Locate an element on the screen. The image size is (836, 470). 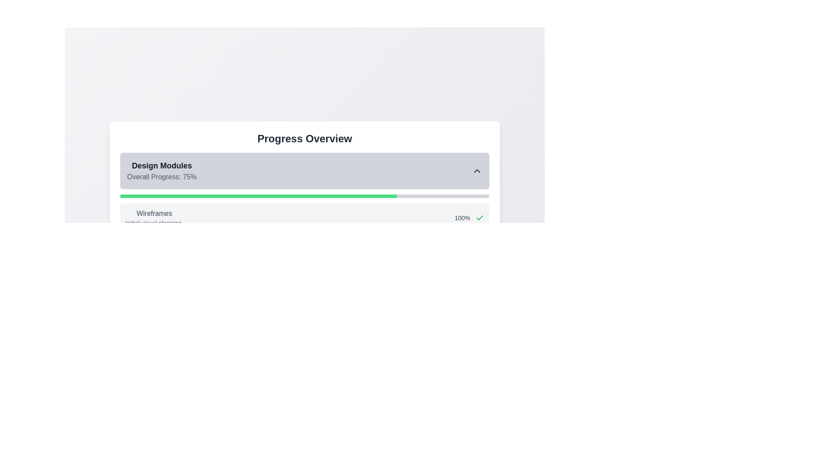
the Progress Indicator, a horizontal gray bar with a green-filled portion, located under 'Overall Progress: 75%' in the 'Progress Overview' section is located at coordinates (305, 196).